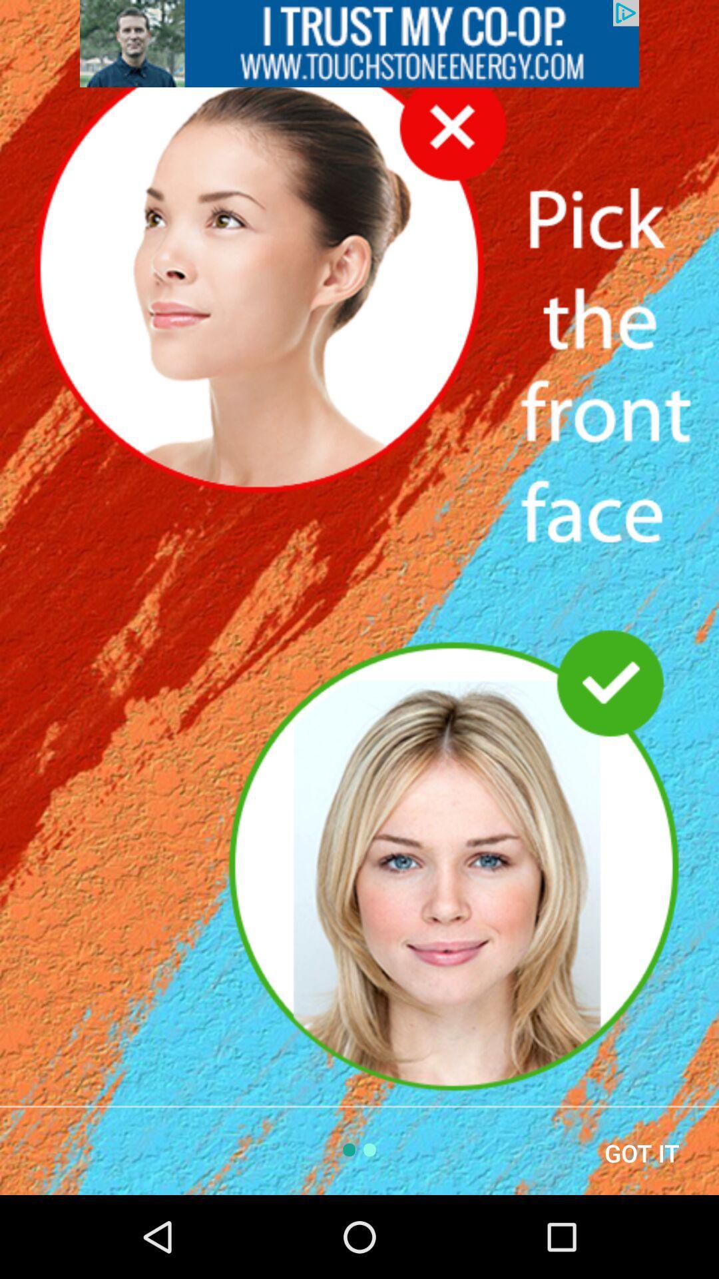 Image resolution: width=719 pixels, height=1279 pixels. I want to click on advertisement, so click(359, 43).